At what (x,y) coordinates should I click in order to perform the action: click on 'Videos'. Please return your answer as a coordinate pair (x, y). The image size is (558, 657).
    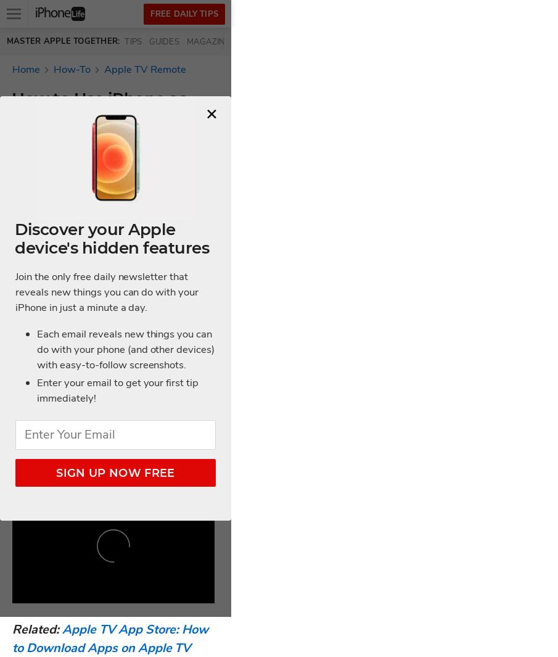
    Looking at the image, I should click on (368, 41).